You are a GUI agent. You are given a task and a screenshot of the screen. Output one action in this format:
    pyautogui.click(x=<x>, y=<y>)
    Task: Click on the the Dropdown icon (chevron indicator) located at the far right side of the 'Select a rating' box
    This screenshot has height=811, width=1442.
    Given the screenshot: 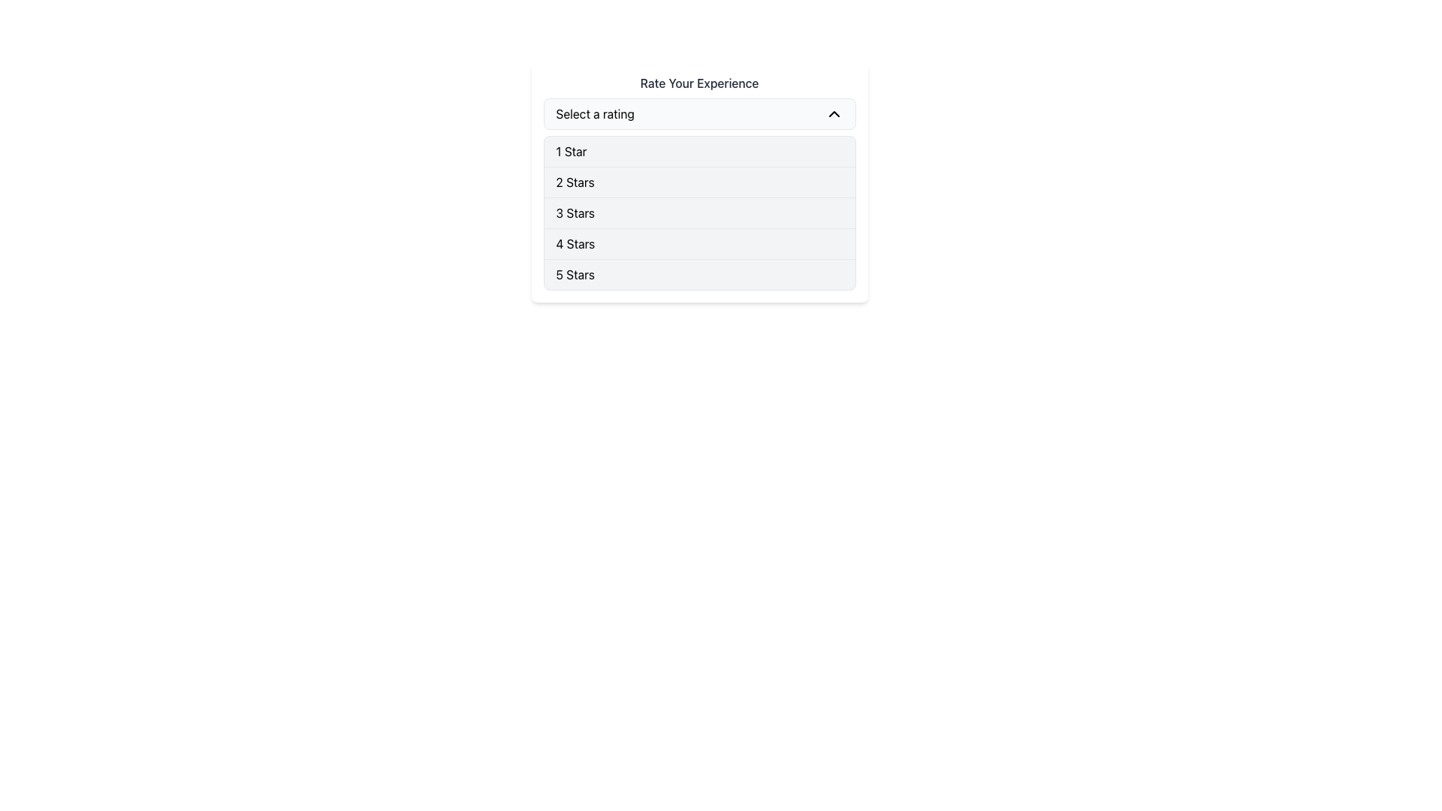 What is the action you would take?
    pyautogui.click(x=833, y=113)
    